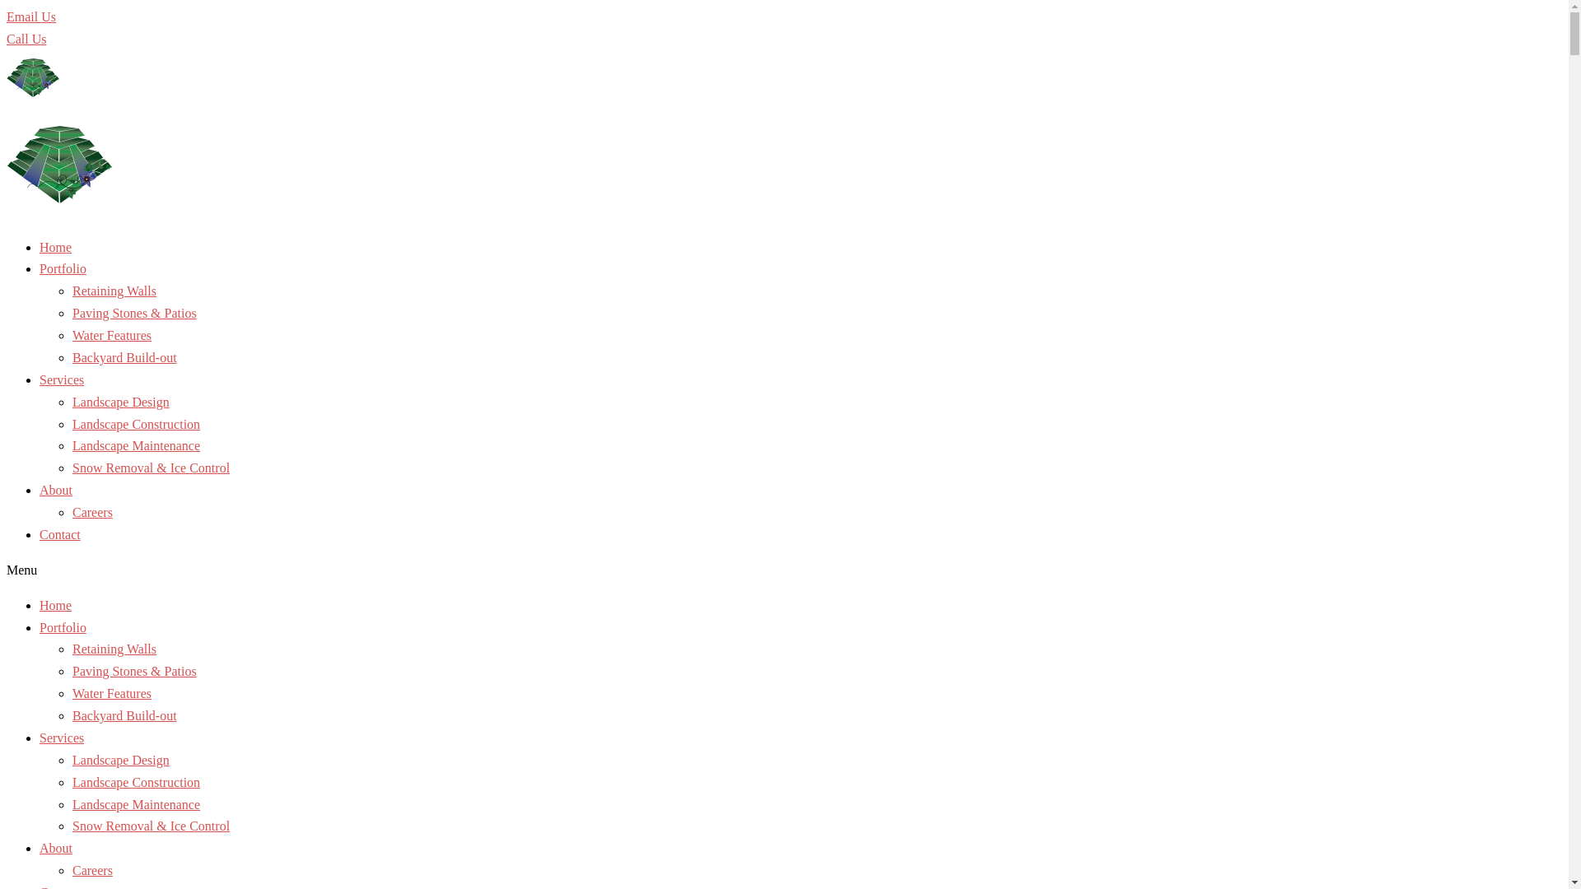 The image size is (1581, 889). What do you see at coordinates (136, 422) in the screenshot?
I see `'Landscape Construction'` at bounding box center [136, 422].